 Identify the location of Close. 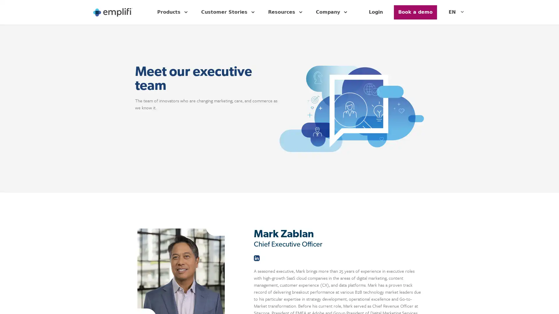
(549, 301).